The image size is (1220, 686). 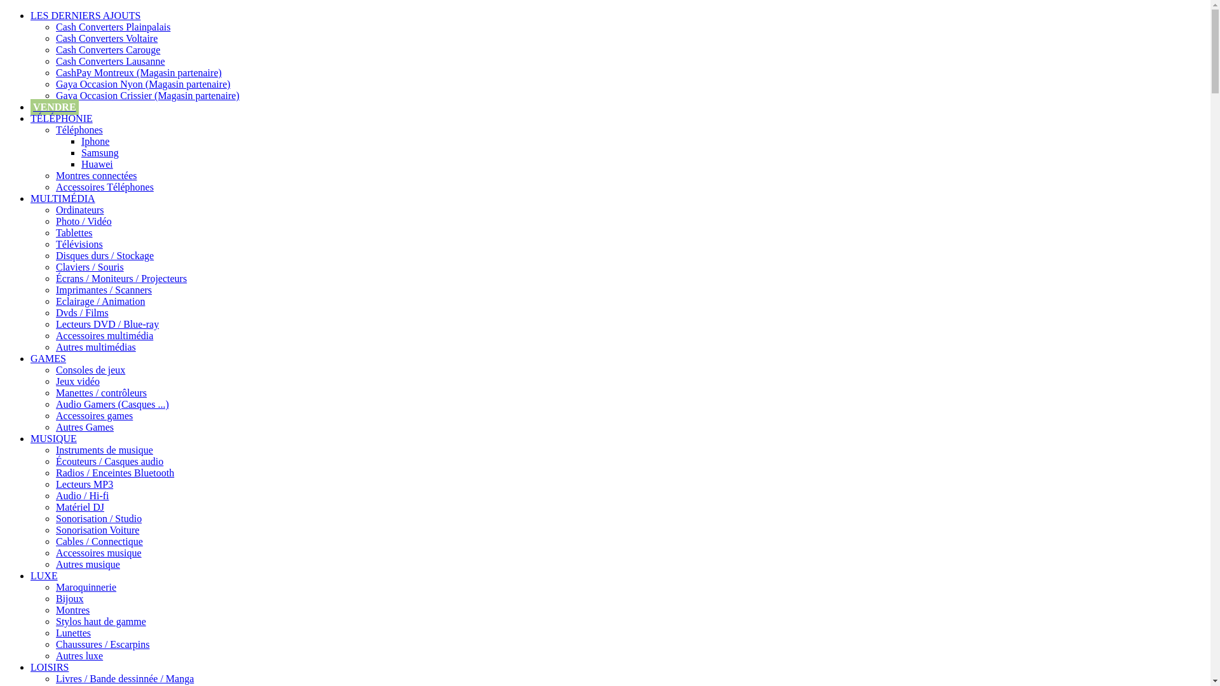 I want to click on 'Disques durs / Stockage', so click(x=104, y=255).